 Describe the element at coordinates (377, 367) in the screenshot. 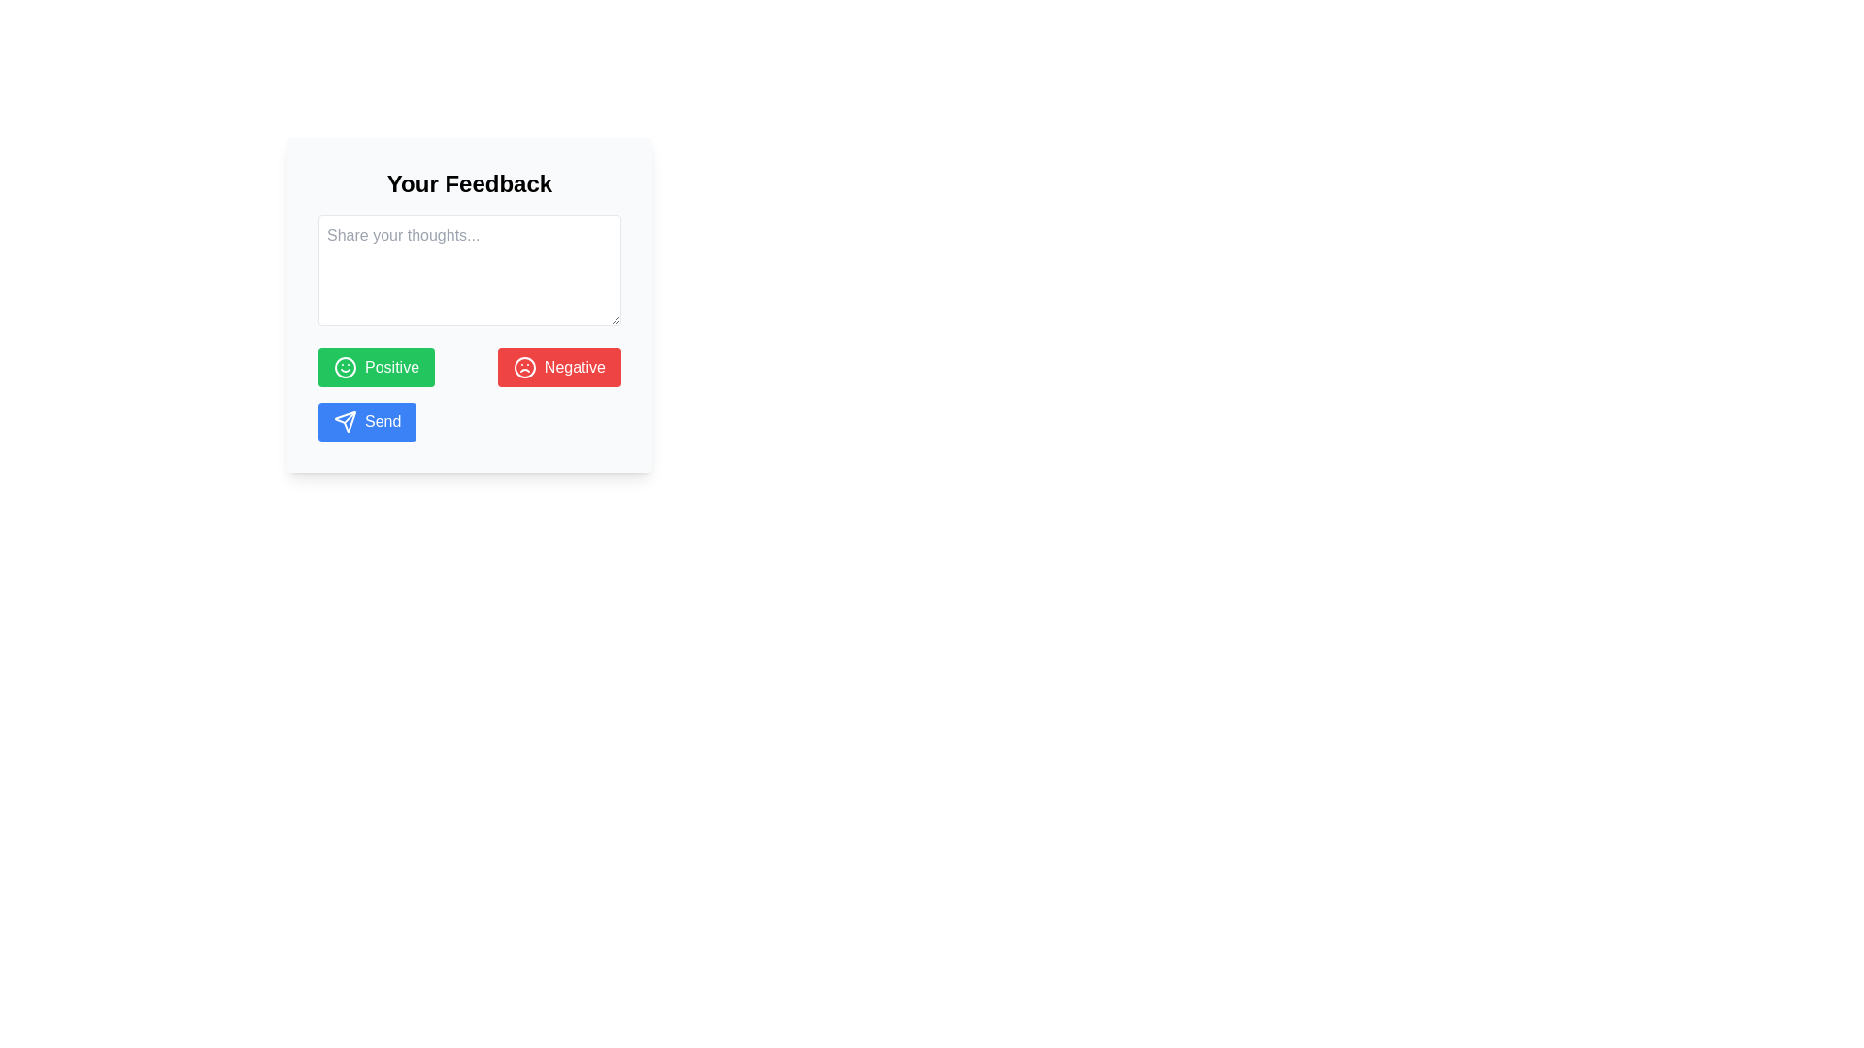

I see `the green button labeled 'Positive' with a smiley face icon to provide positive feedback` at that location.